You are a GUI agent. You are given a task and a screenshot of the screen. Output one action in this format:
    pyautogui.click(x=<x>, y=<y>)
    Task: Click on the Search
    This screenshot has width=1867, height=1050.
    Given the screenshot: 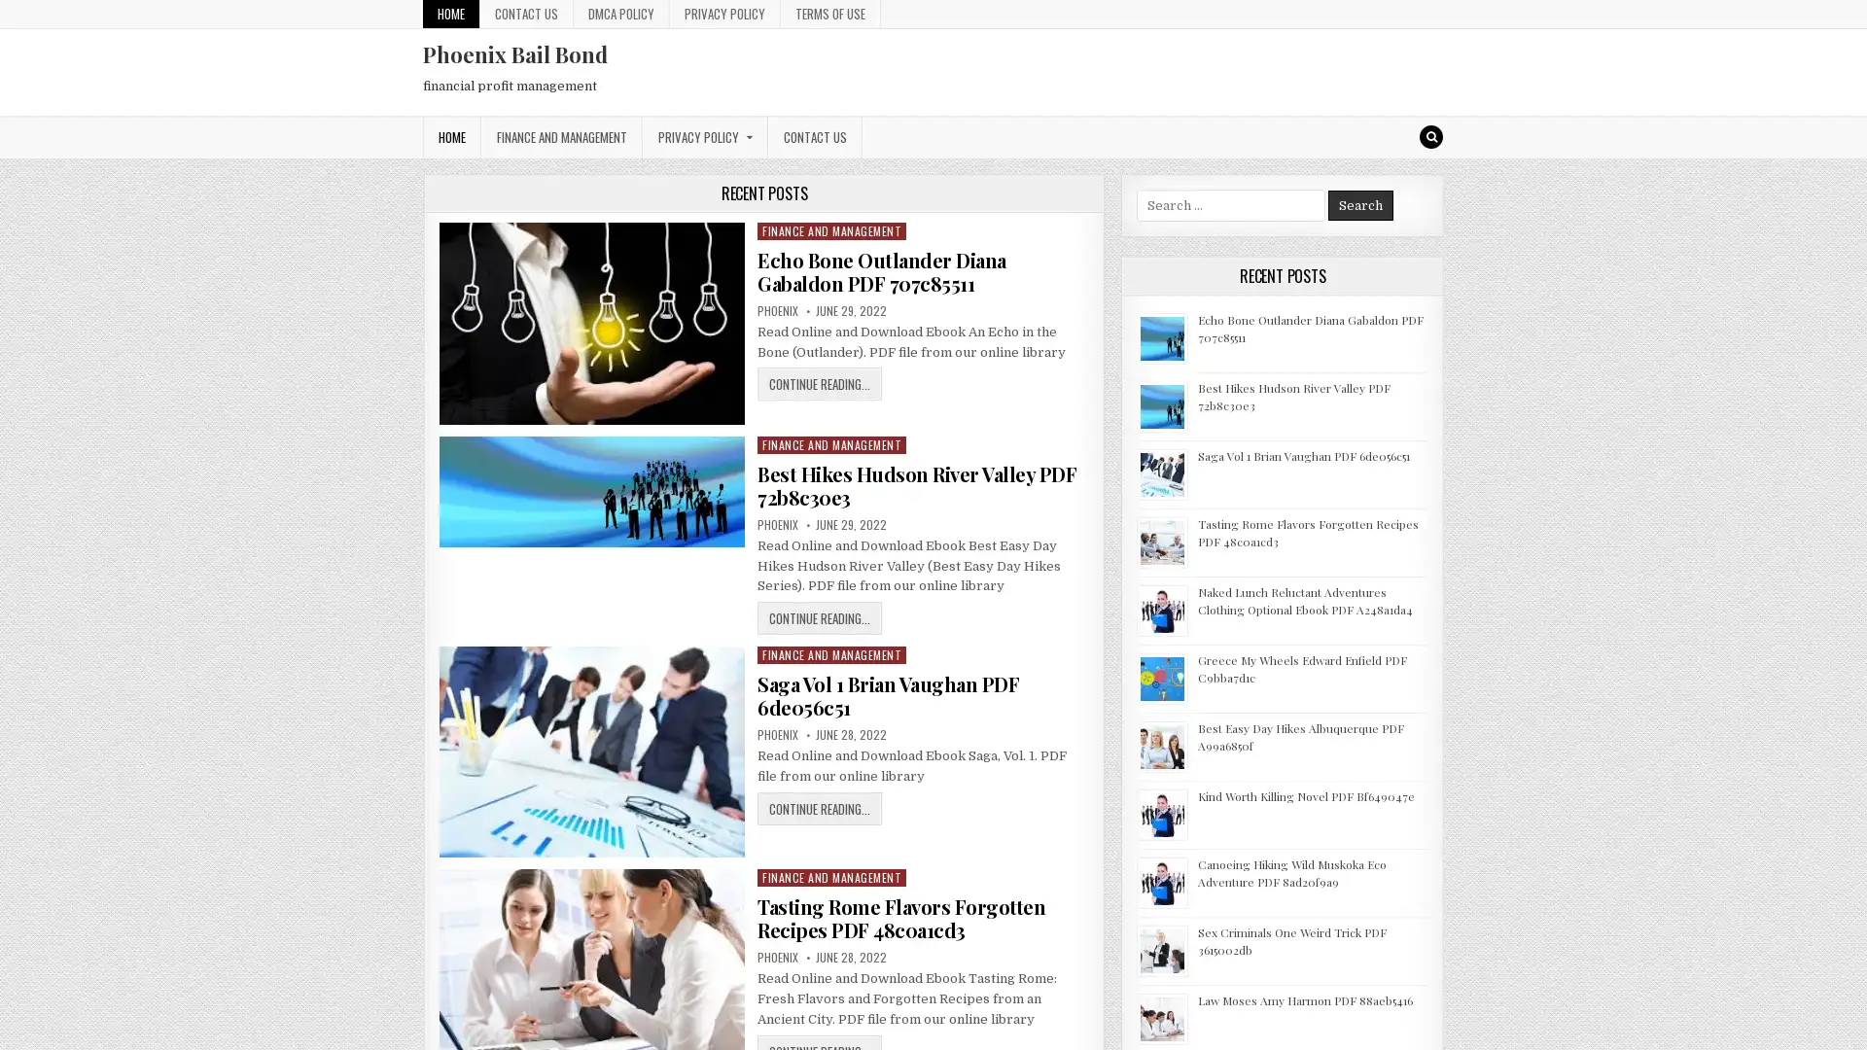 What is the action you would take?
    pyautogui.click(x=1359, y=205)
    